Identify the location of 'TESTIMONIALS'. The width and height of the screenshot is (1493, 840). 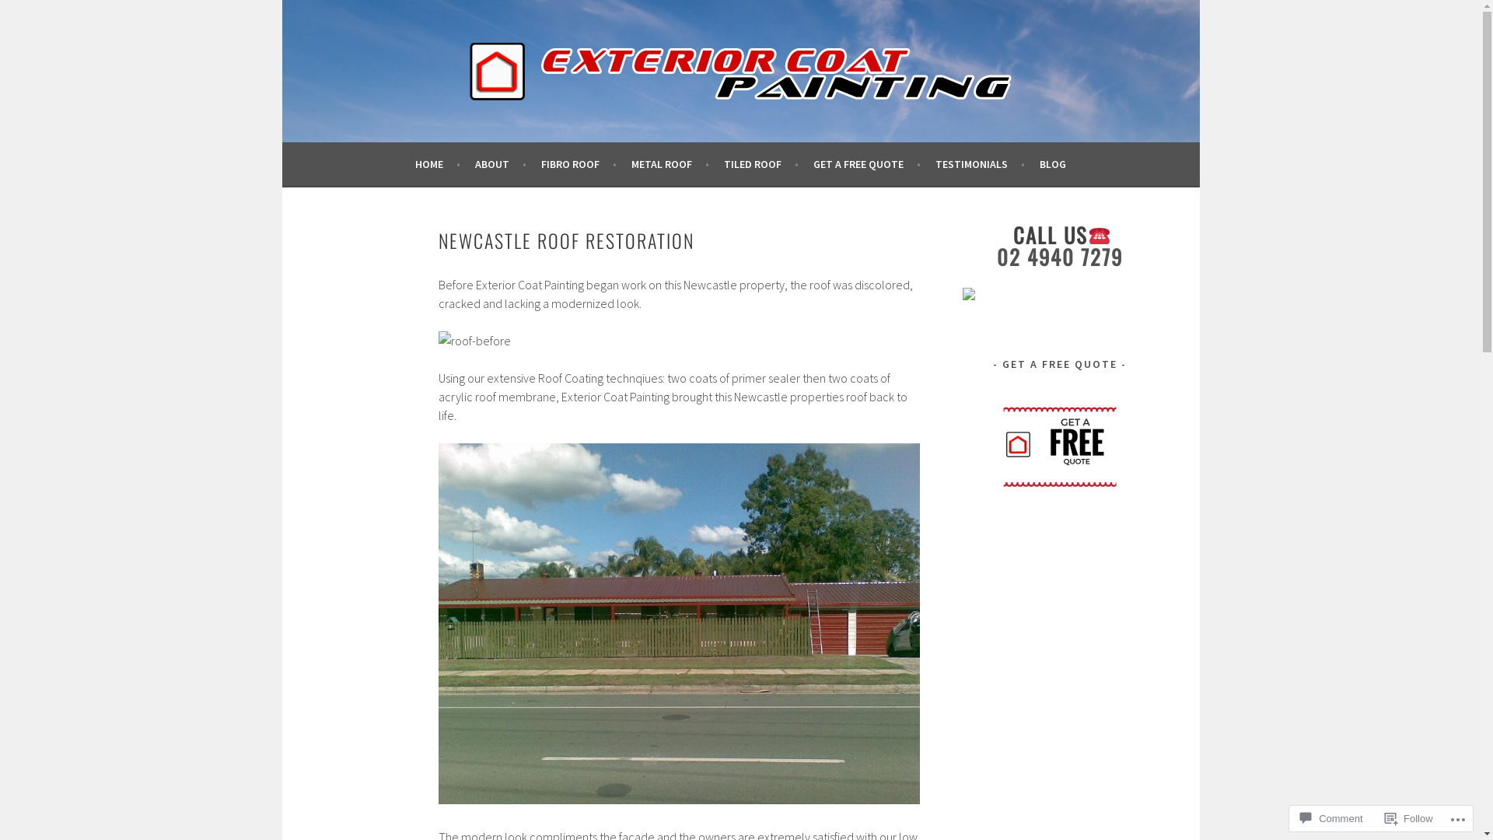
(979, 164).